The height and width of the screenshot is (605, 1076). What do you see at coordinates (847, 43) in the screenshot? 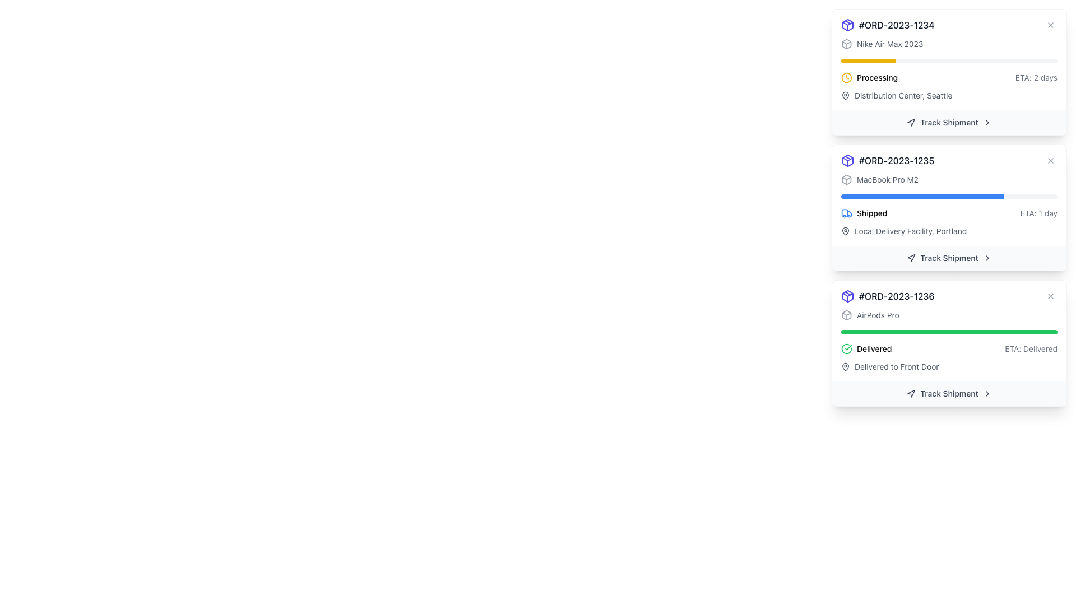
I see `the small, gray 3D box icon located at the top-left corner of the order card for order #ORD-2023-1234 if it is interactive` at bounding box center [847, 43].